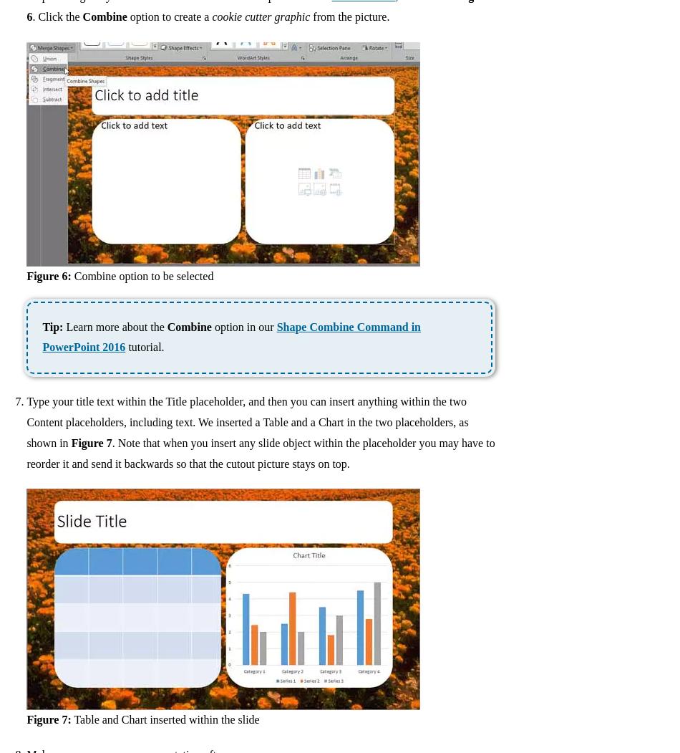  Describe the element at coordinates (230, 336) in the screenshot. I see `'Shape Combine
Command in PowerPoint 2016'` at that location.